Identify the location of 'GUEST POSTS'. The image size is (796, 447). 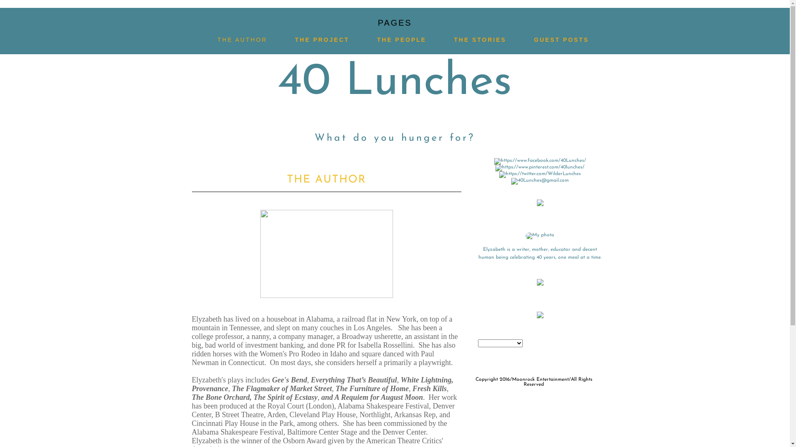
(534, 40).